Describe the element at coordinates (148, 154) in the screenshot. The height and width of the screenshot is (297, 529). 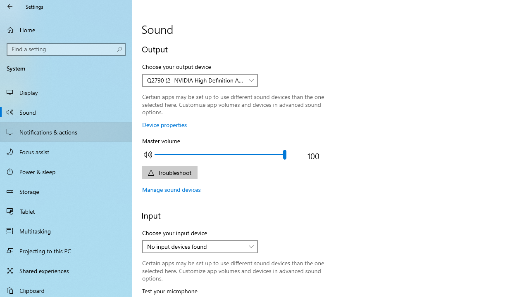
I see `'Mute master volume'` at that location.